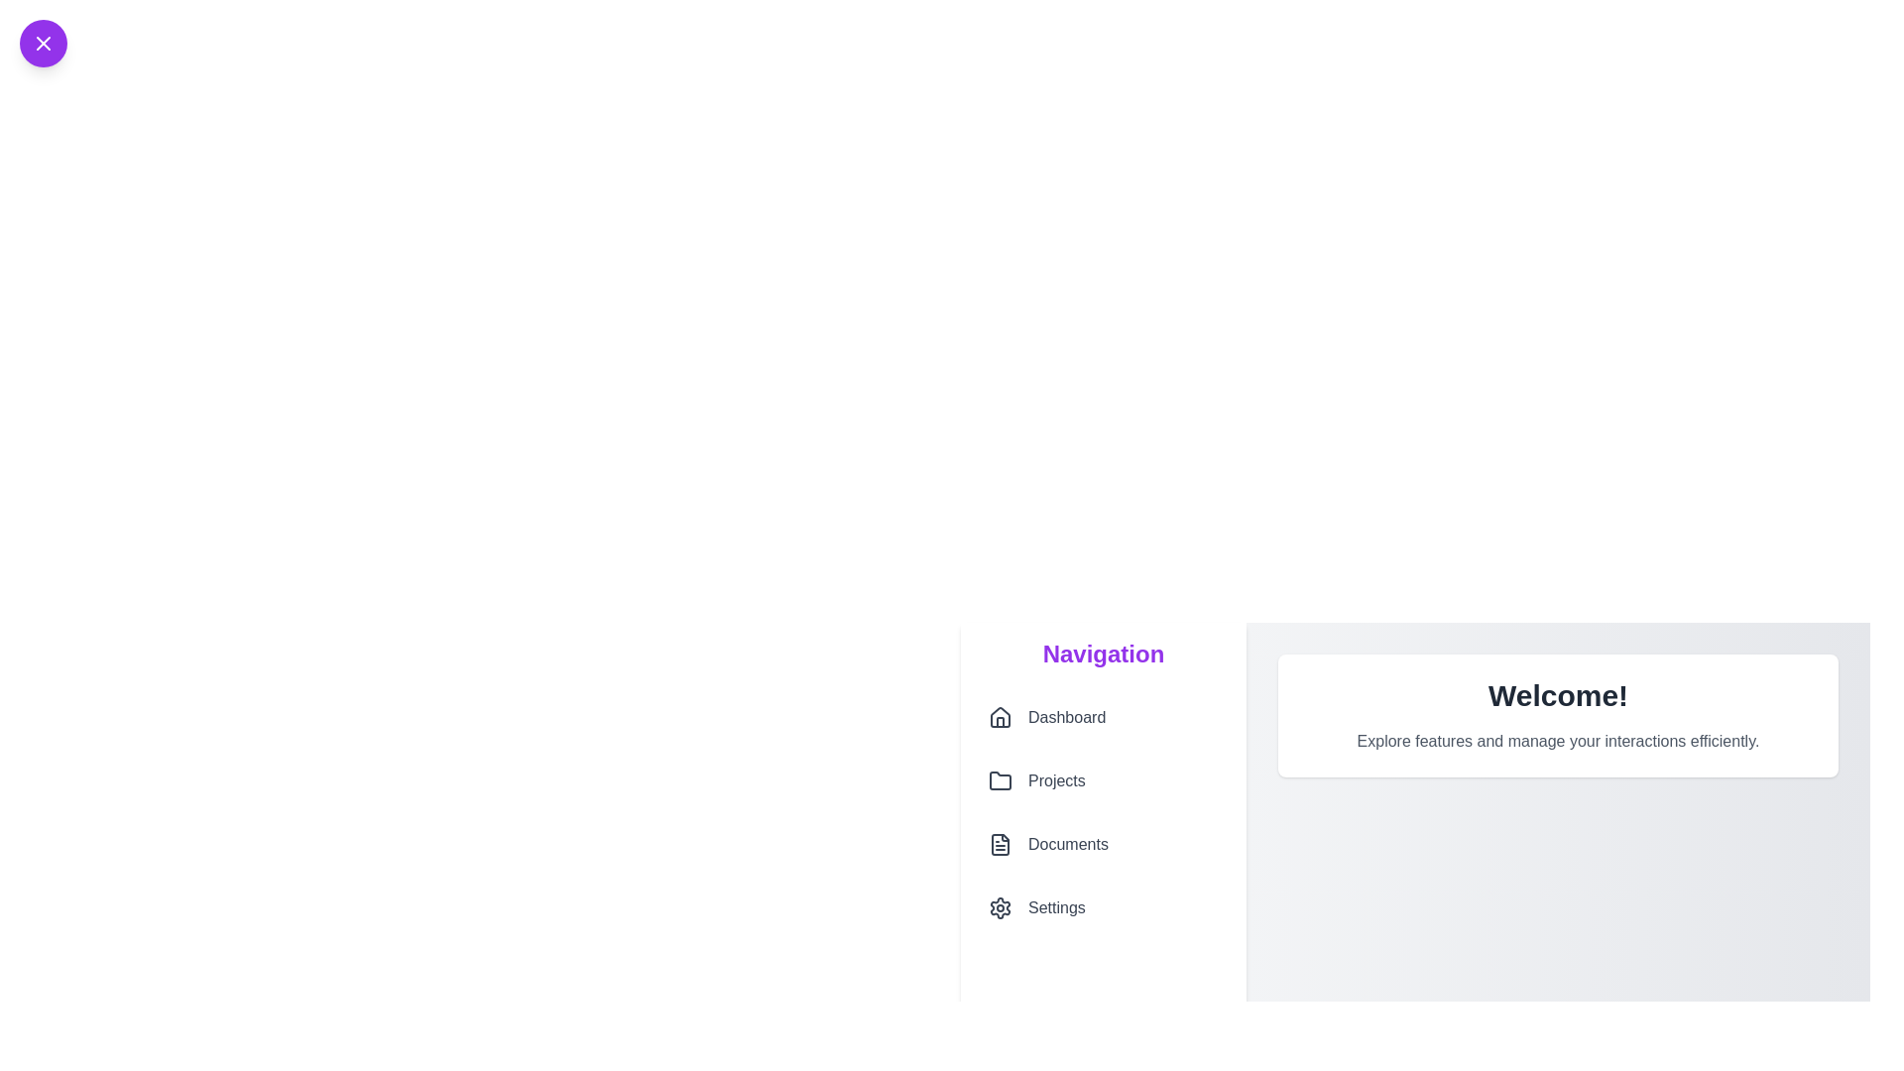 This screenshot has height=1071, width=1904. Describe the element at coordinates (1103, 907) in the screenshot. I see `the navigation menu item Settings` at that location.